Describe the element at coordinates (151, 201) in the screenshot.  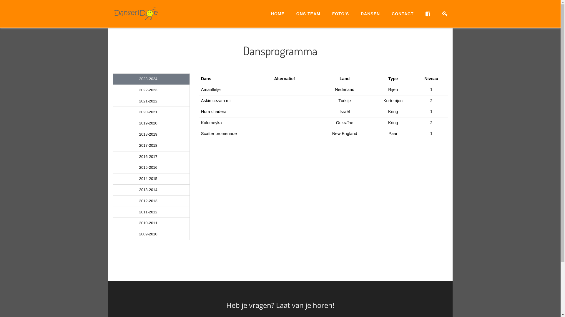
I see `'2012-2013'` at that location.